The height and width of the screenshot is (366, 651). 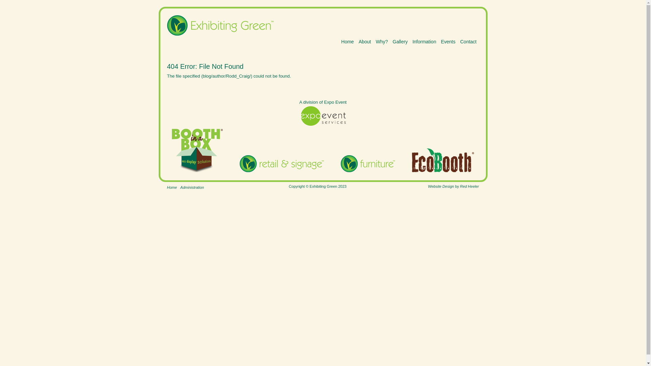 I want to click on 'Why?', so click(x=382, y=42).